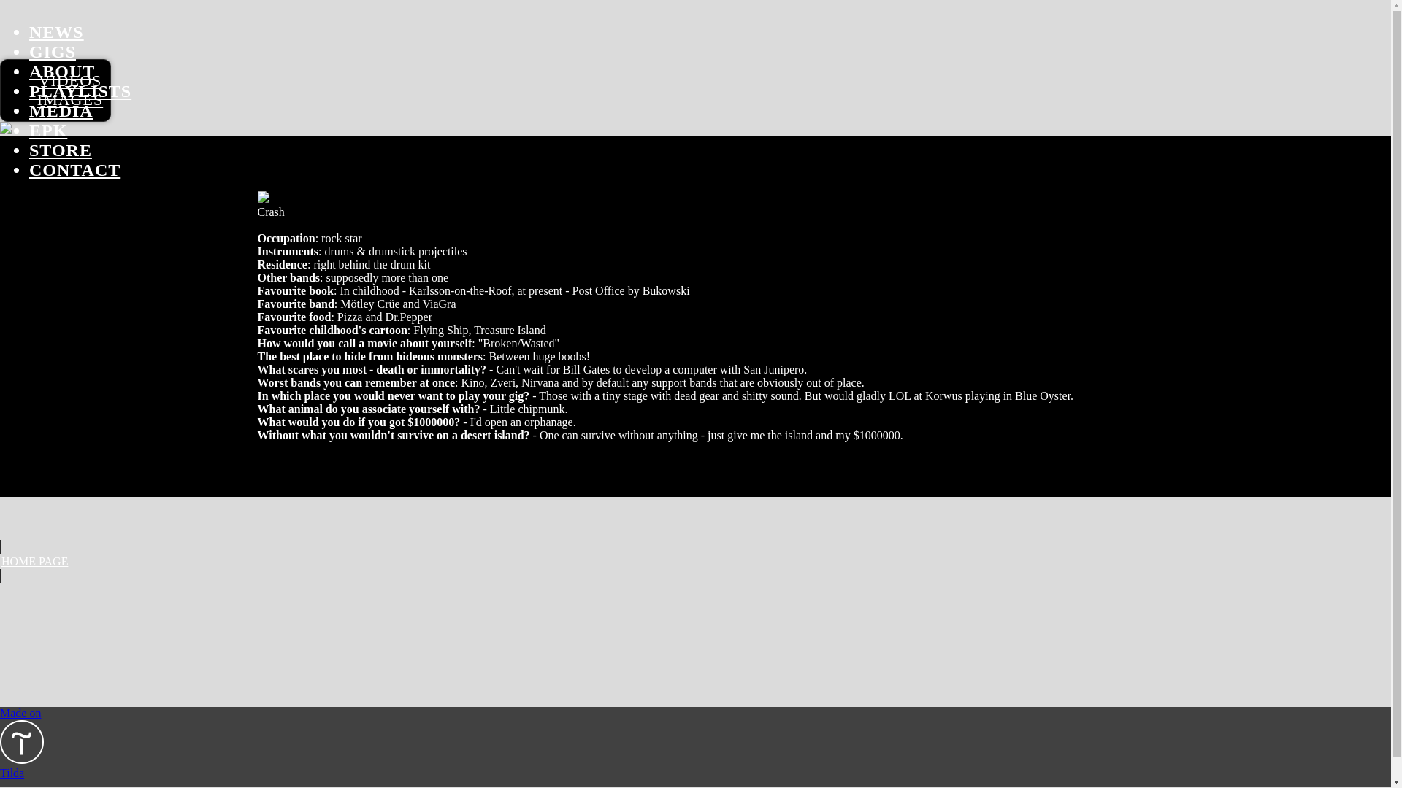 The width and height of the screenshot is (1402, 788). Describe the element at coordinates (59, 150) in the screenshot. I see `'STORE'` at that location.